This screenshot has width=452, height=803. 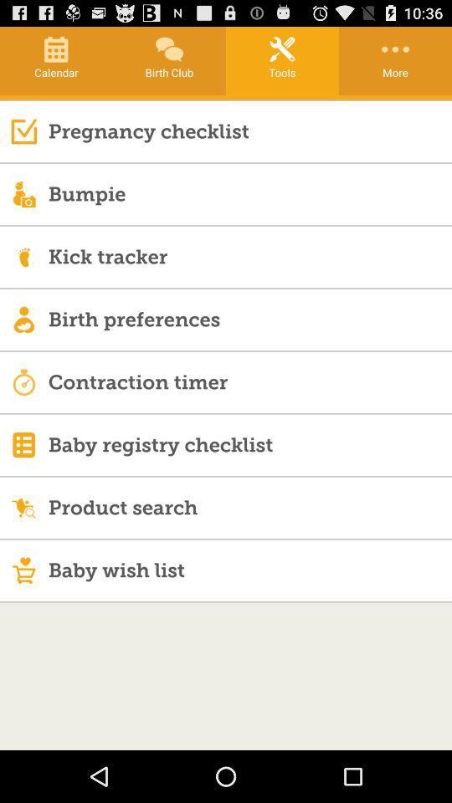 What do you see at coordinates (249, 256) in the screenshot?
I see `kick tracker icon` at bounding box center [249, 256].